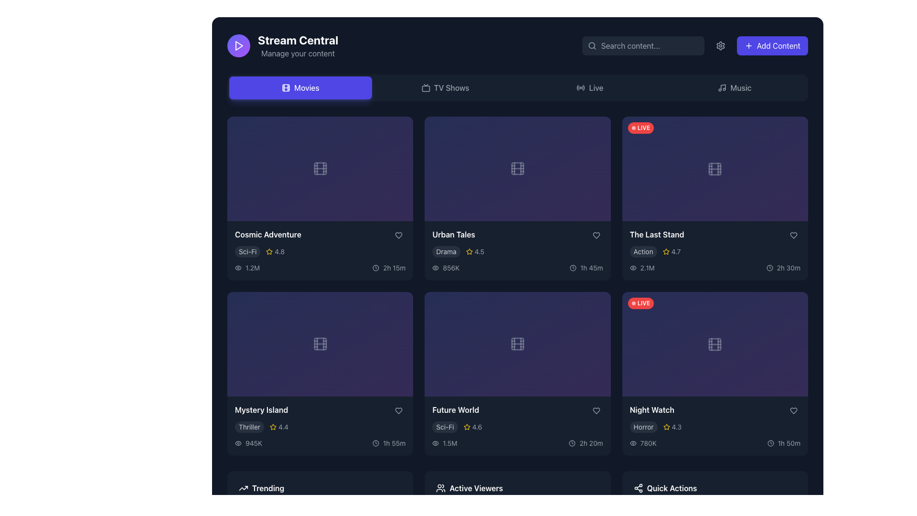  I want to click on the heart icon located at the bottom-right corner of the 'Night Watch' movie card, so click(793, 410).